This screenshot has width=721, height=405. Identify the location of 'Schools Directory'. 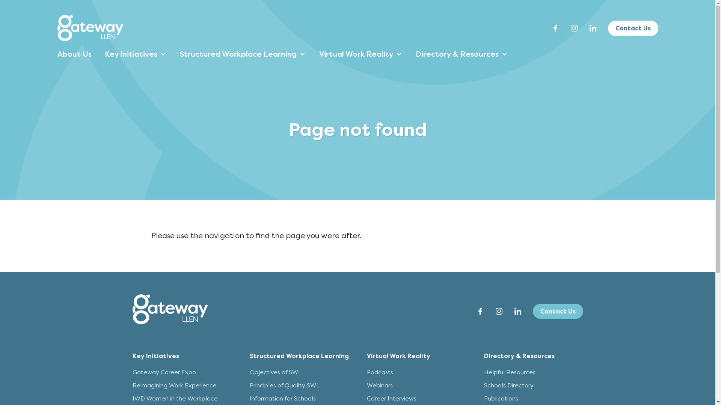
(483, 385).